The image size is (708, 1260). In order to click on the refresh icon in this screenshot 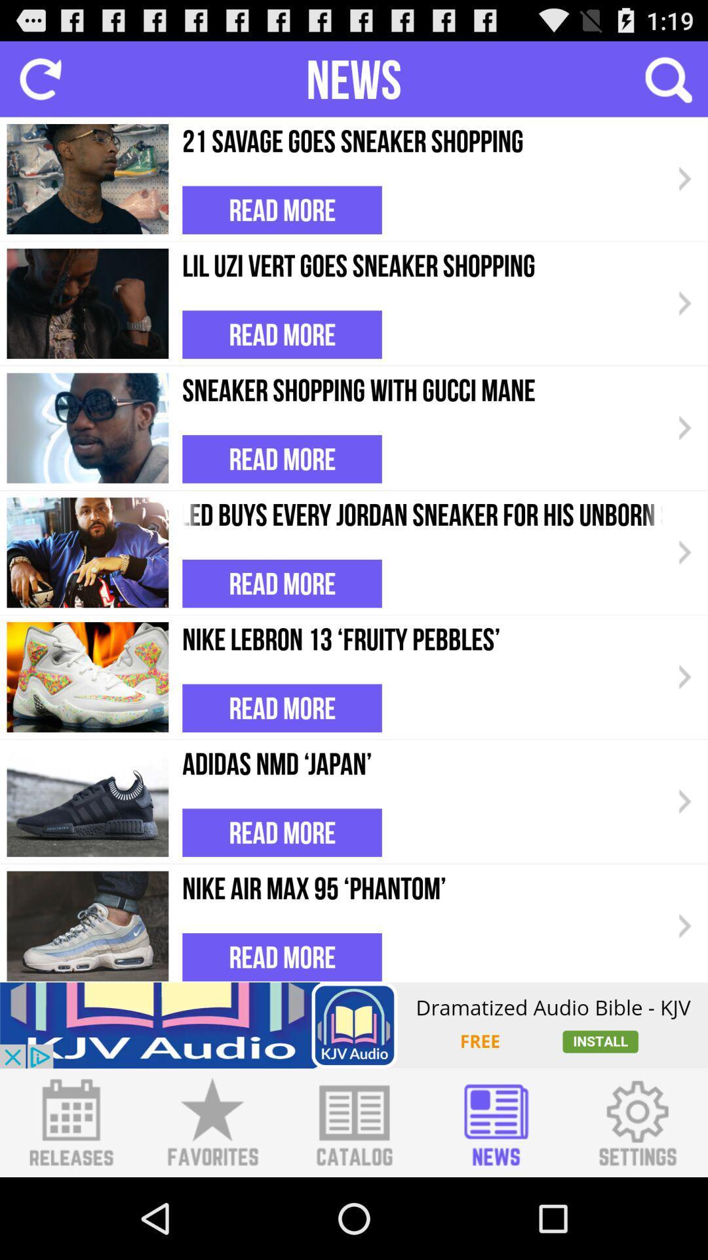, I will do `click(39, 84)`.